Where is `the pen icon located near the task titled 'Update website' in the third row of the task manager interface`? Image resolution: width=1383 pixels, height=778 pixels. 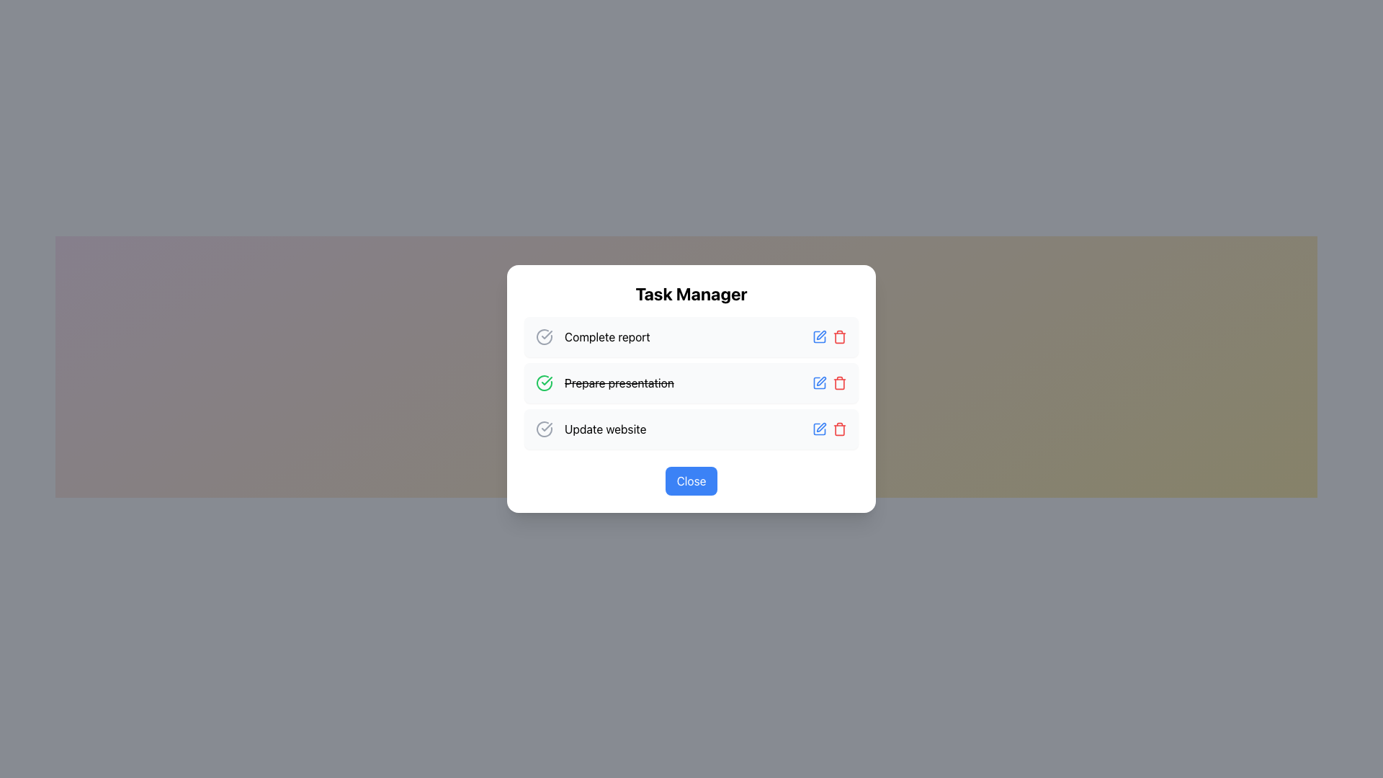
the pen icon located near the task titled 'Update website' in the third row of the task manager interface is located at coordinates (821, 426).